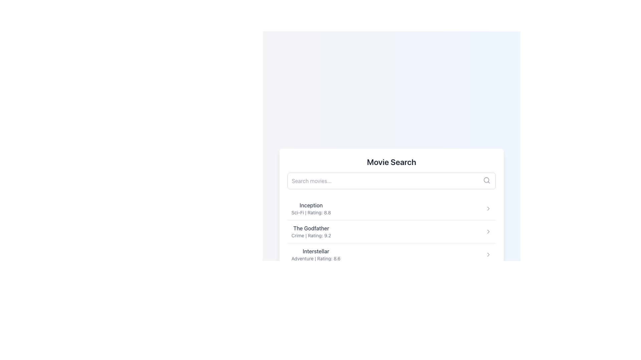 The width and height of the screenshot is (641, 360). I want to click on the second movie list item, which displays details such as title, genre, and rating, situated between 'Inception' and 'Interstellar' in a vertically stacked list, so click(391, 231).